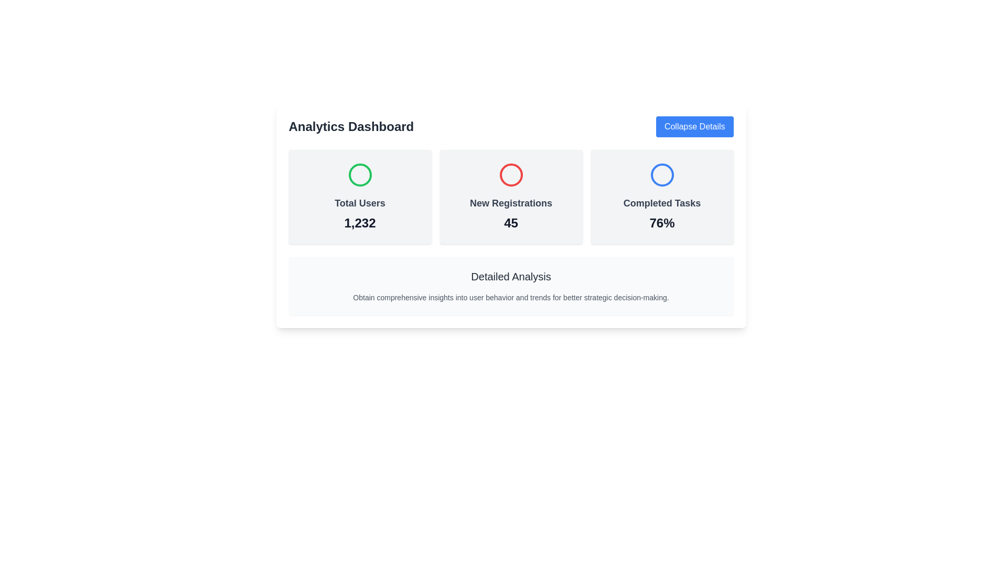 The height and width of the screenshot is (566, 1007). Describe the element at coordinates (351, 126) in the screenshot. I see `the bold, large-sized text label that says 'Analytics Dashboard', which is styled prominently as a header in dark gray color and is located at the top-left of the interface` at that location.